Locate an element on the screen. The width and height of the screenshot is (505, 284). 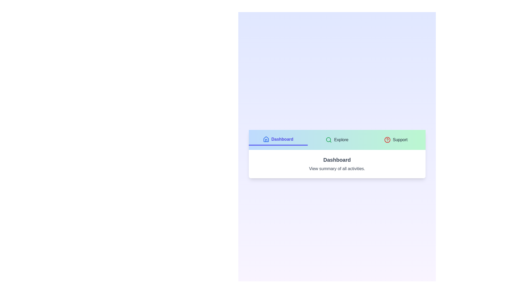
the icon of the Support tab is located at coordinates (387, 140).